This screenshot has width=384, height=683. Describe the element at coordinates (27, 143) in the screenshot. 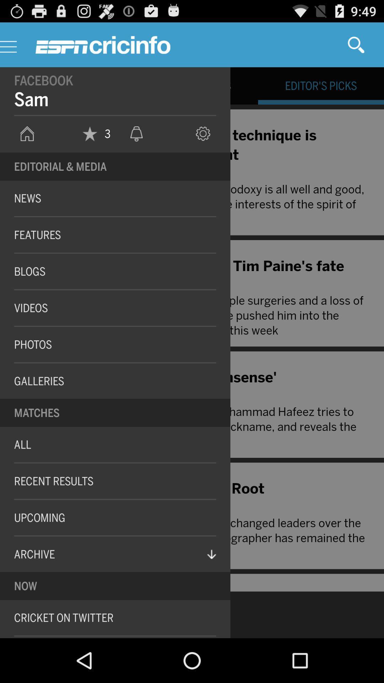

I see `the home icon` at that location.